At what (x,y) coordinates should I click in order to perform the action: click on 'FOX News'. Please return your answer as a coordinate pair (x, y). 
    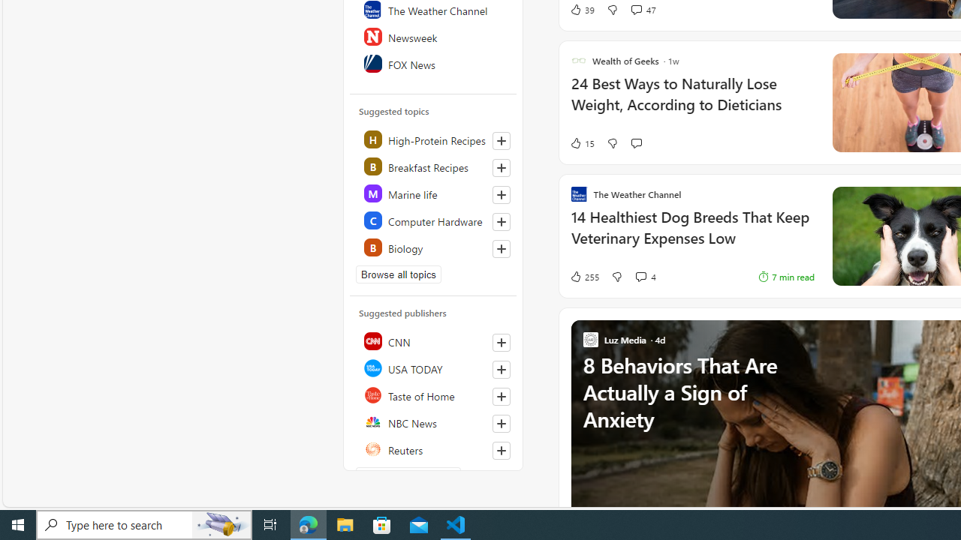
    Looking at the image, I should click on (433, 62).